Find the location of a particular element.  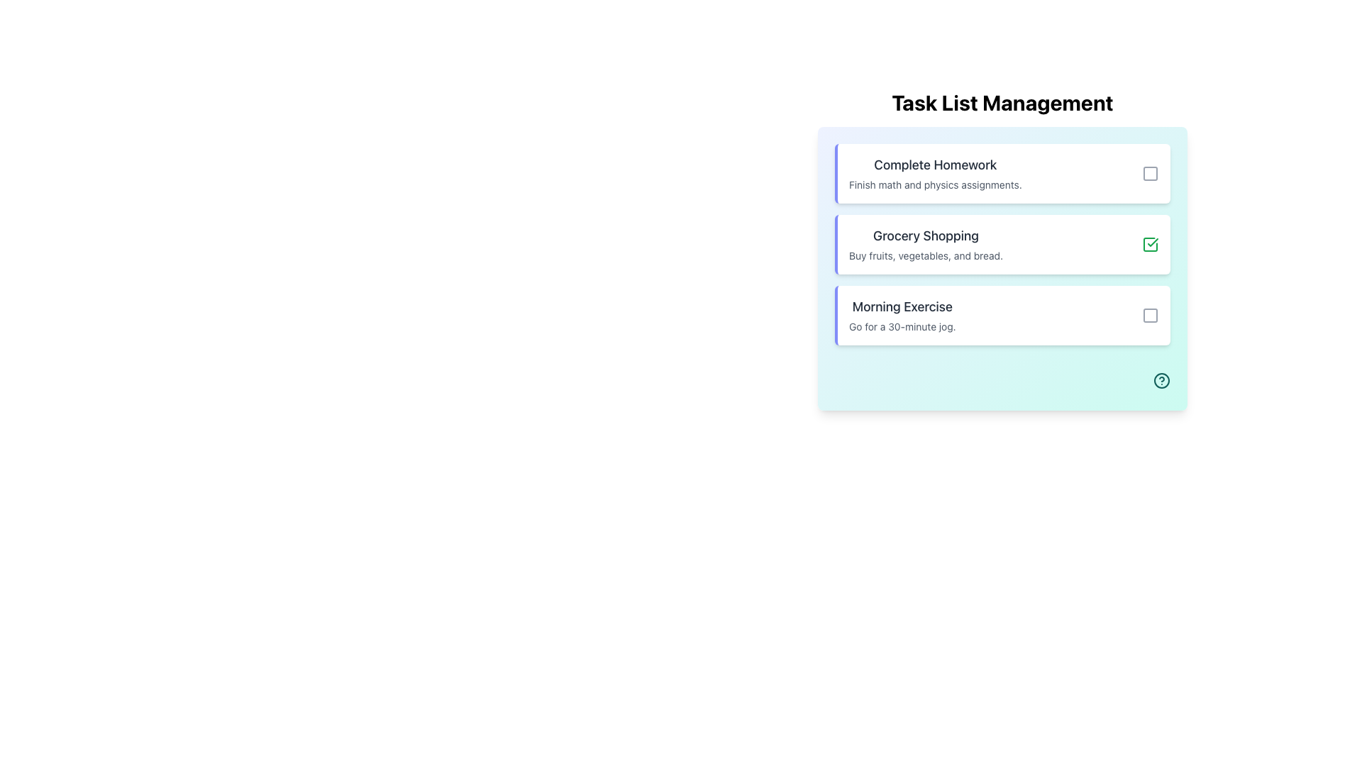

the text display element that shows 'Complete Homework' with a description stating 'Finish math and physics assignments.' is located at coordinates (935, 173).